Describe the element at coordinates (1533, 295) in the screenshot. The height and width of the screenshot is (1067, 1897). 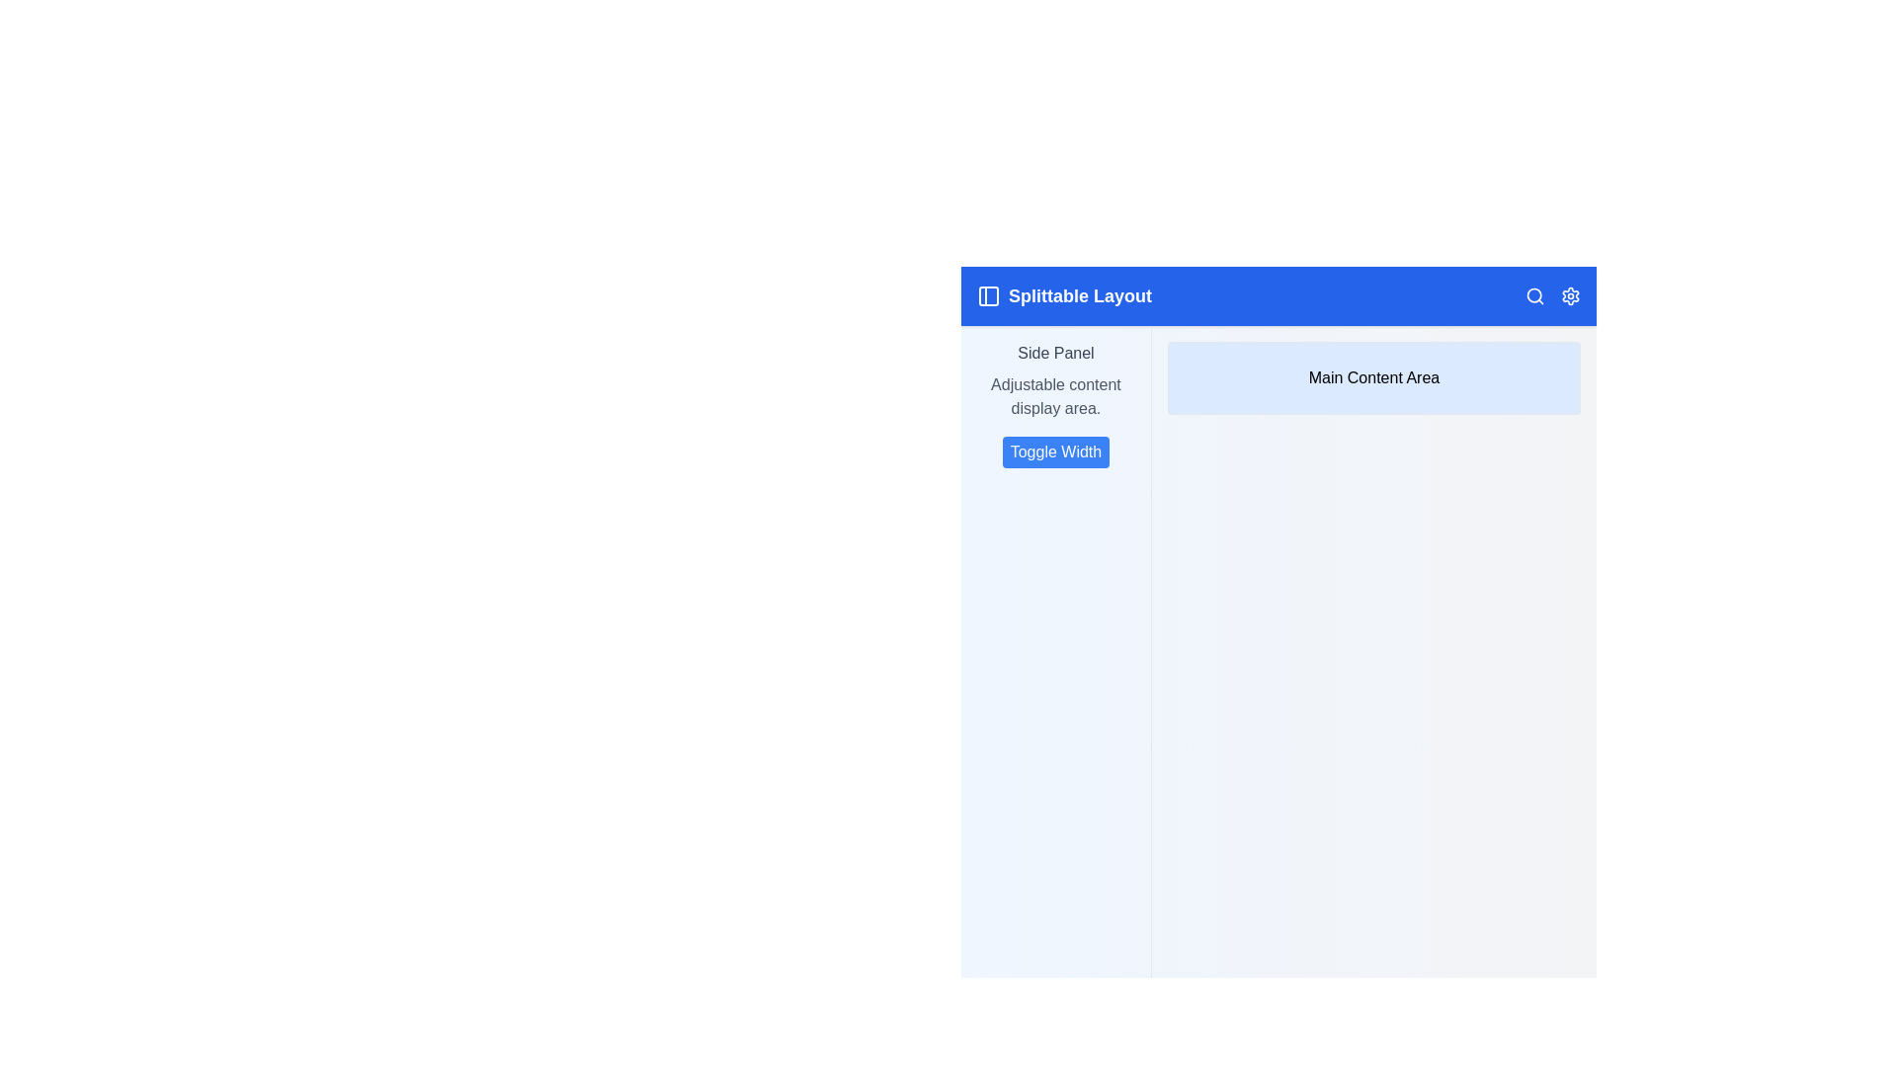
I see `the circular graphic element that forms the inner part of the magnifying glass's lens in the top-right corner of the header bar` at that location.